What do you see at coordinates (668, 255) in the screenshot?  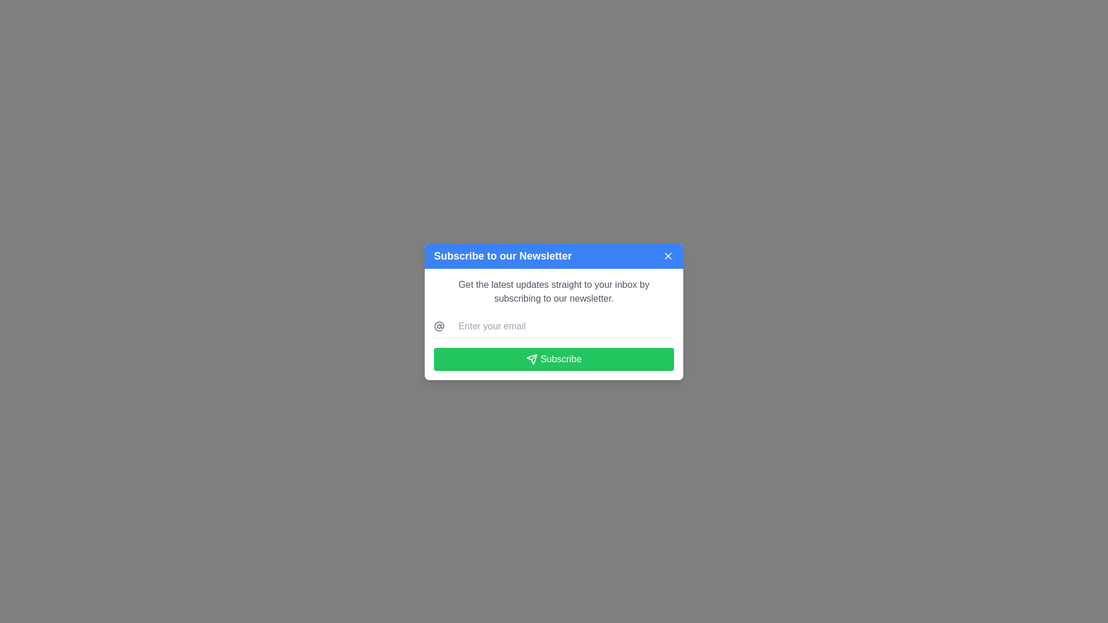 I see `the close button by clicking on the diagonal line forming part of the 'X' icon to close the modal dialog titled 'Subscribe to our Newsletter'` at bounding box center [668, 255].